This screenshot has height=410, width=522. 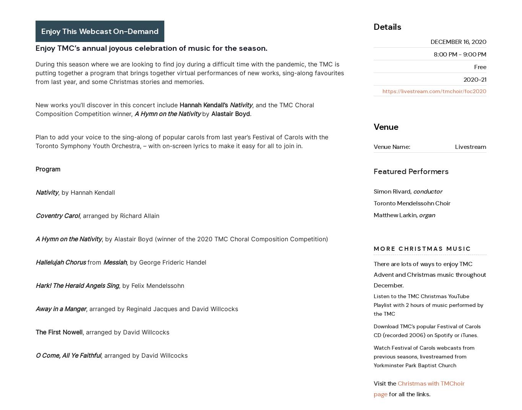 I want to click on 'conductor', so click(x=412, y=191).